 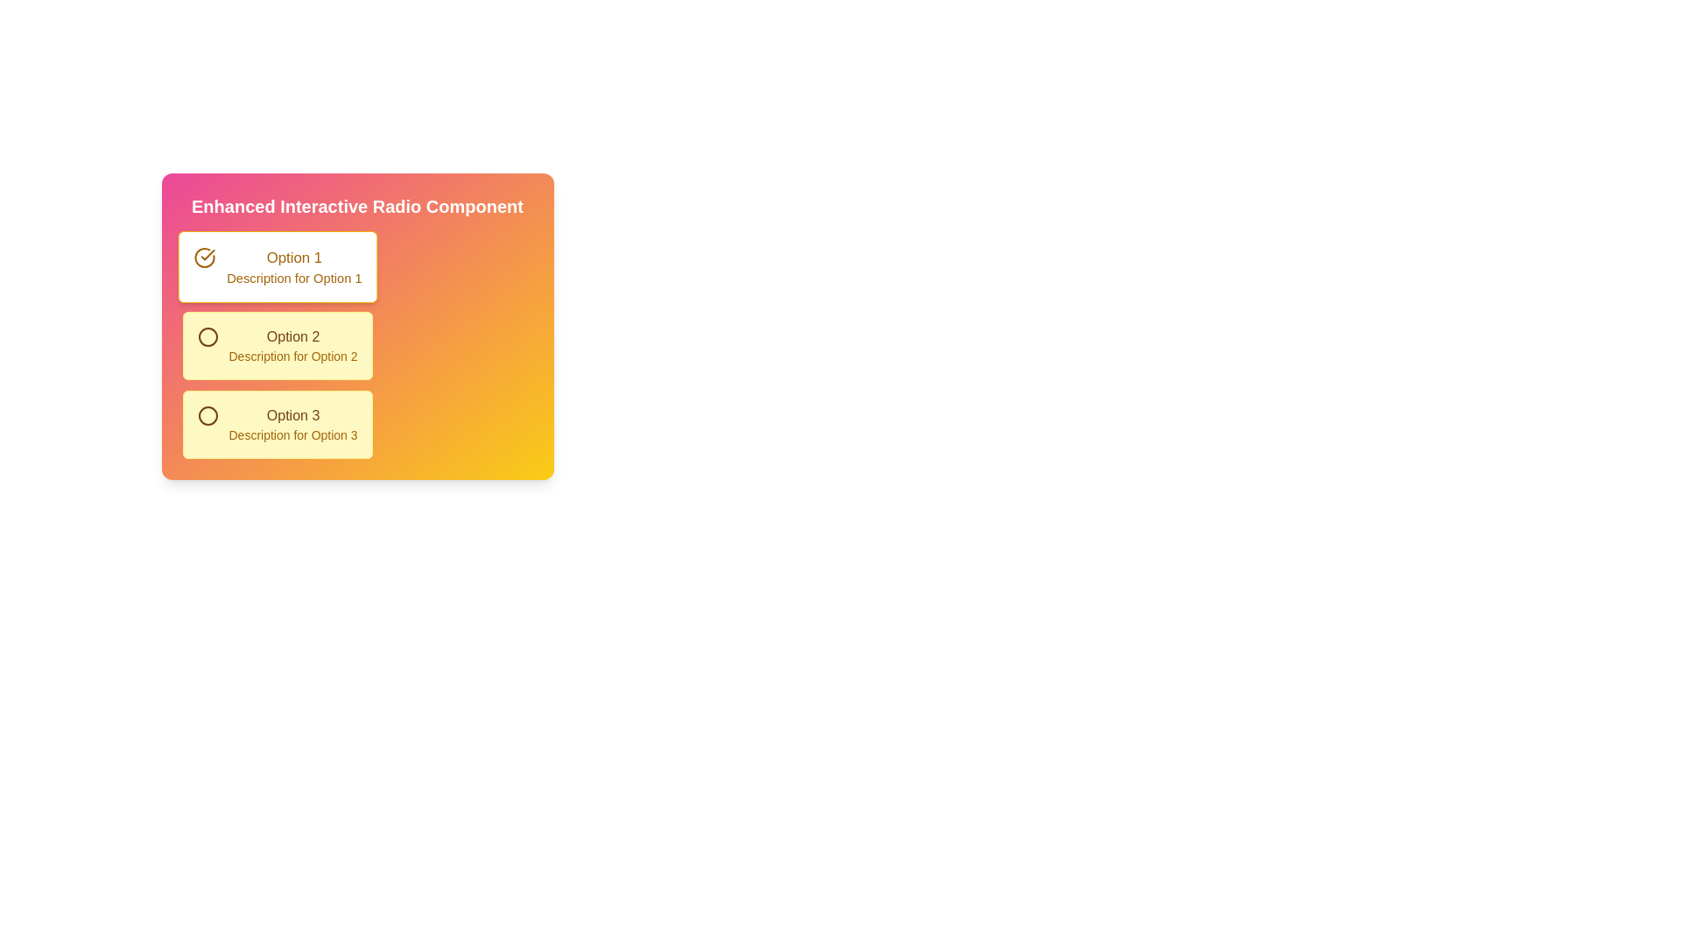 I want to click on the circular brown icon with a checkmark inside, representing the selected option in Option 1 of the vertically stacked list, so click(x=204, y=258).